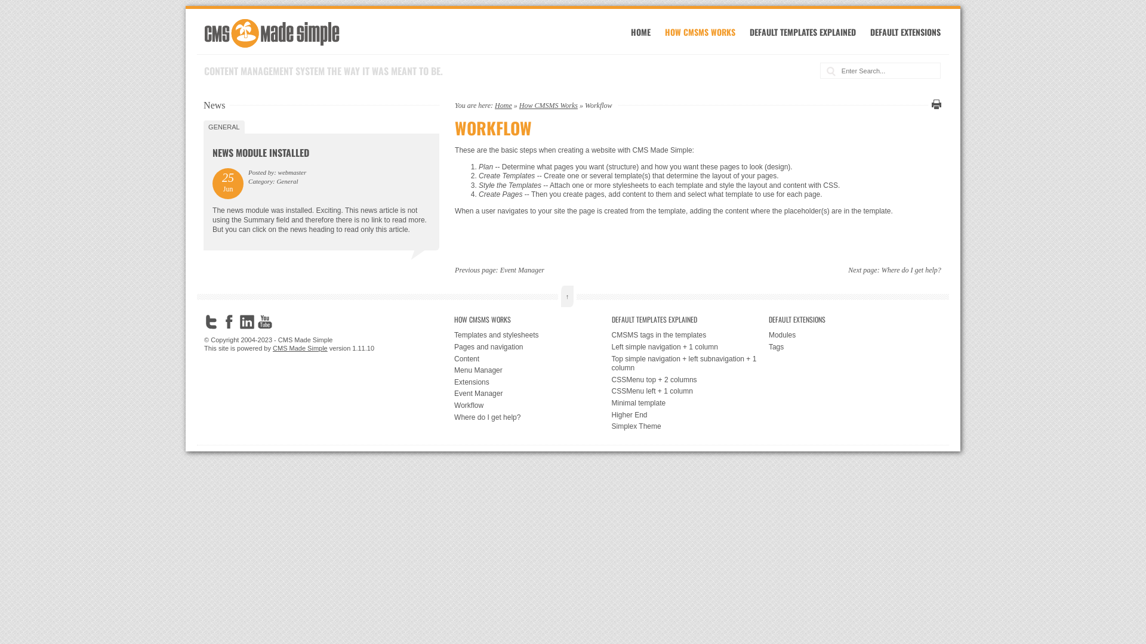 The width and height of the screenshot is (1146, 644). I want to click on 'CMS Made Simple', so click(300, 348).